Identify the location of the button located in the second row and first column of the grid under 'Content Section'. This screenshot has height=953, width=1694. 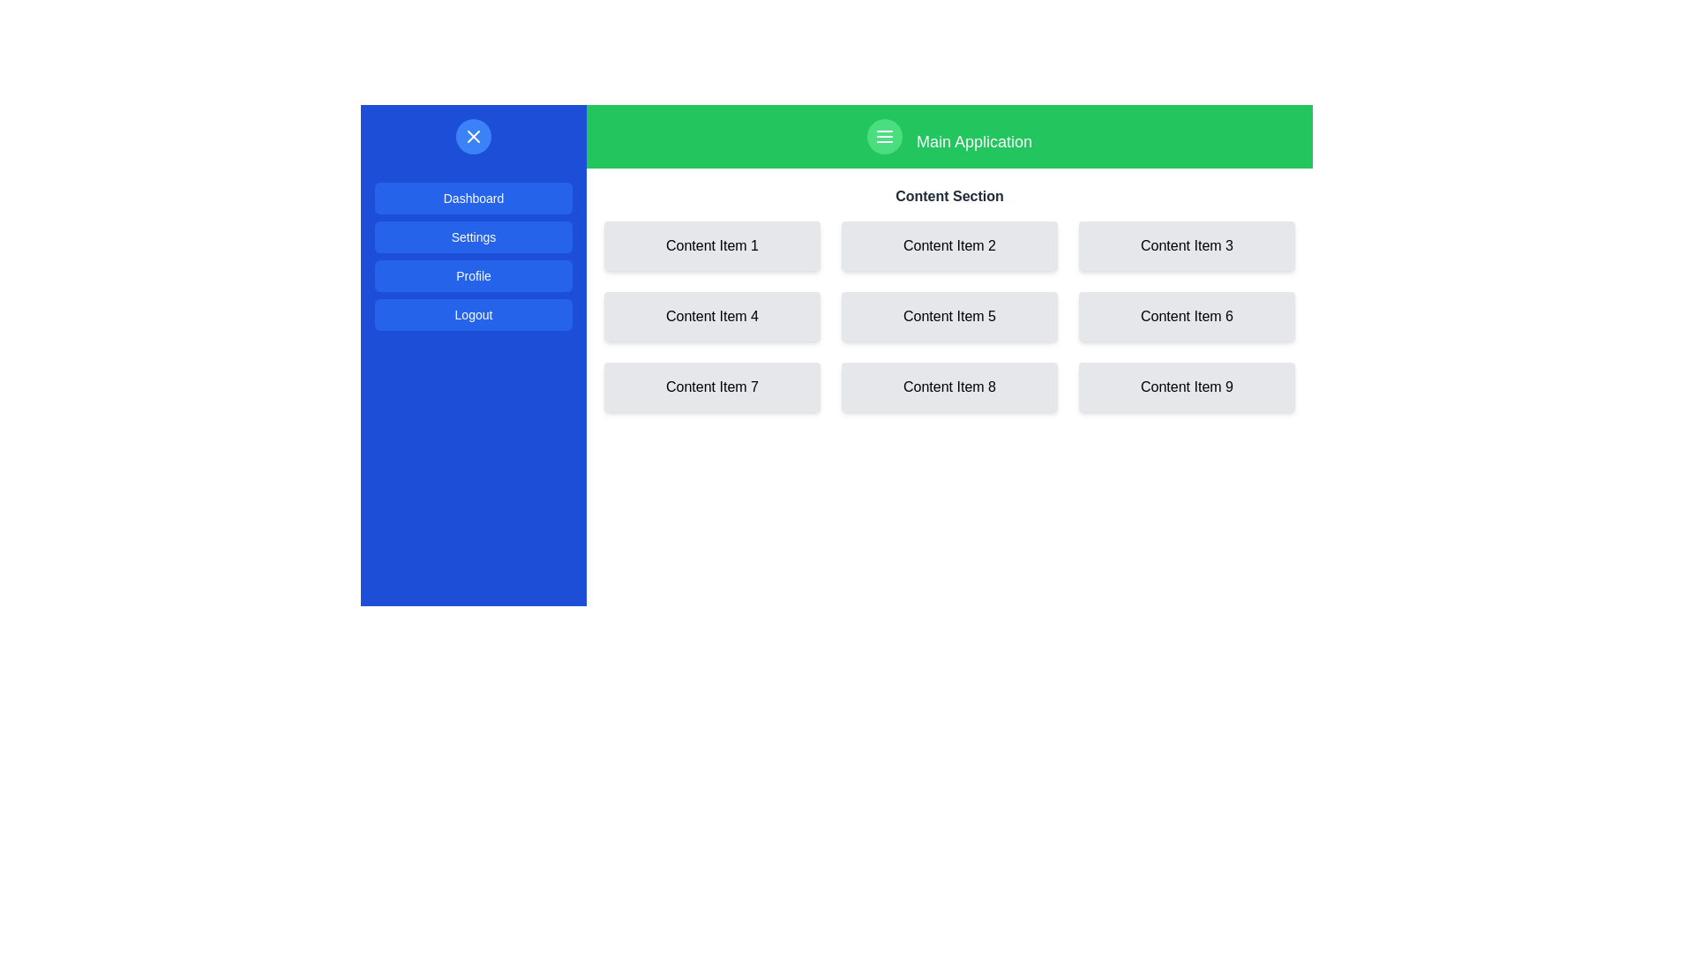
(712, 315).